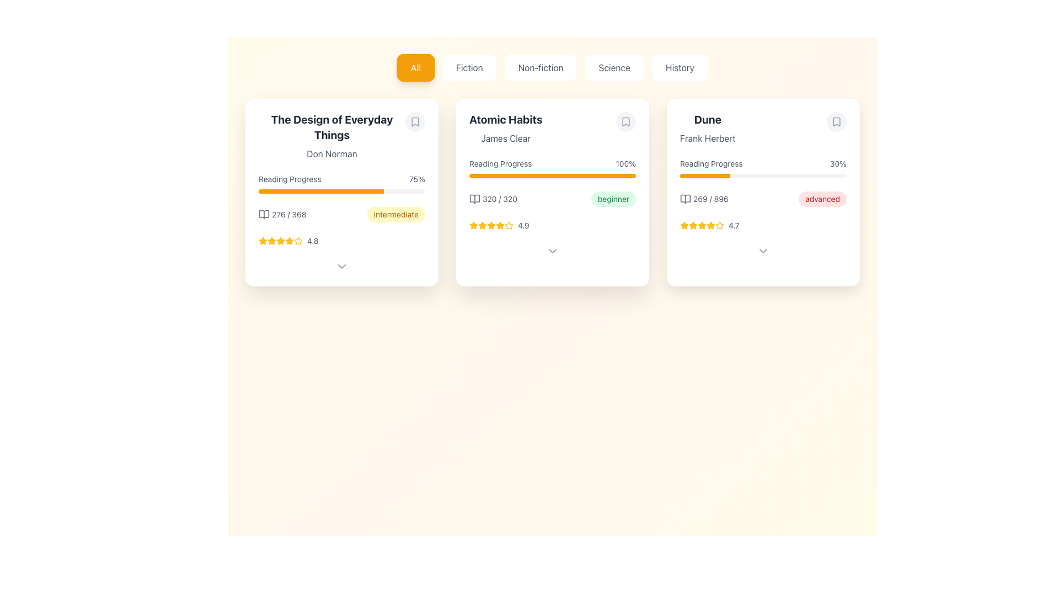 Image resolution: width=1059 pixels, height=596 pixels. I want to click on the numeric text label displaying the rating '4.8', which is styled in a small gray font and located to the right of the star icons in the first book card, so click(312, 240).